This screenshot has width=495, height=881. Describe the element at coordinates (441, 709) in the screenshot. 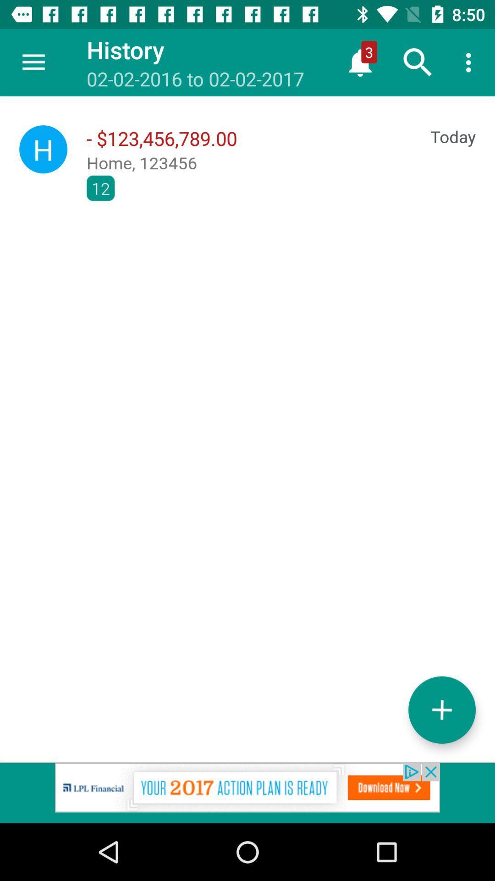

I see `incriment button` at that location.